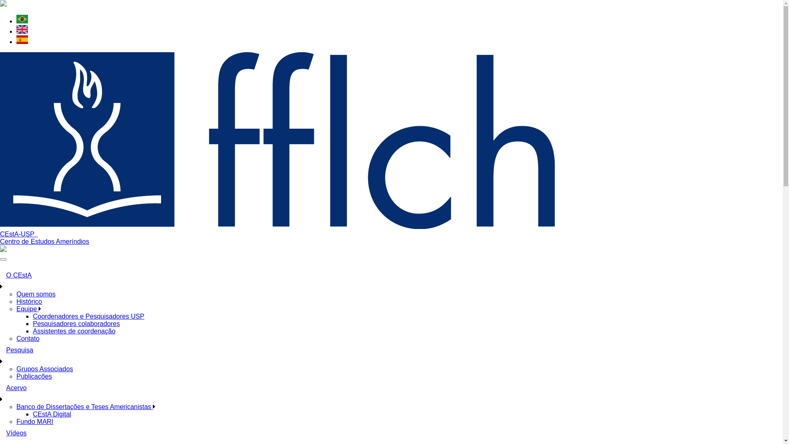  Describe the element at coordinates (35, 421) in the screenshot. I see `'Fundo MARI'` at that location.